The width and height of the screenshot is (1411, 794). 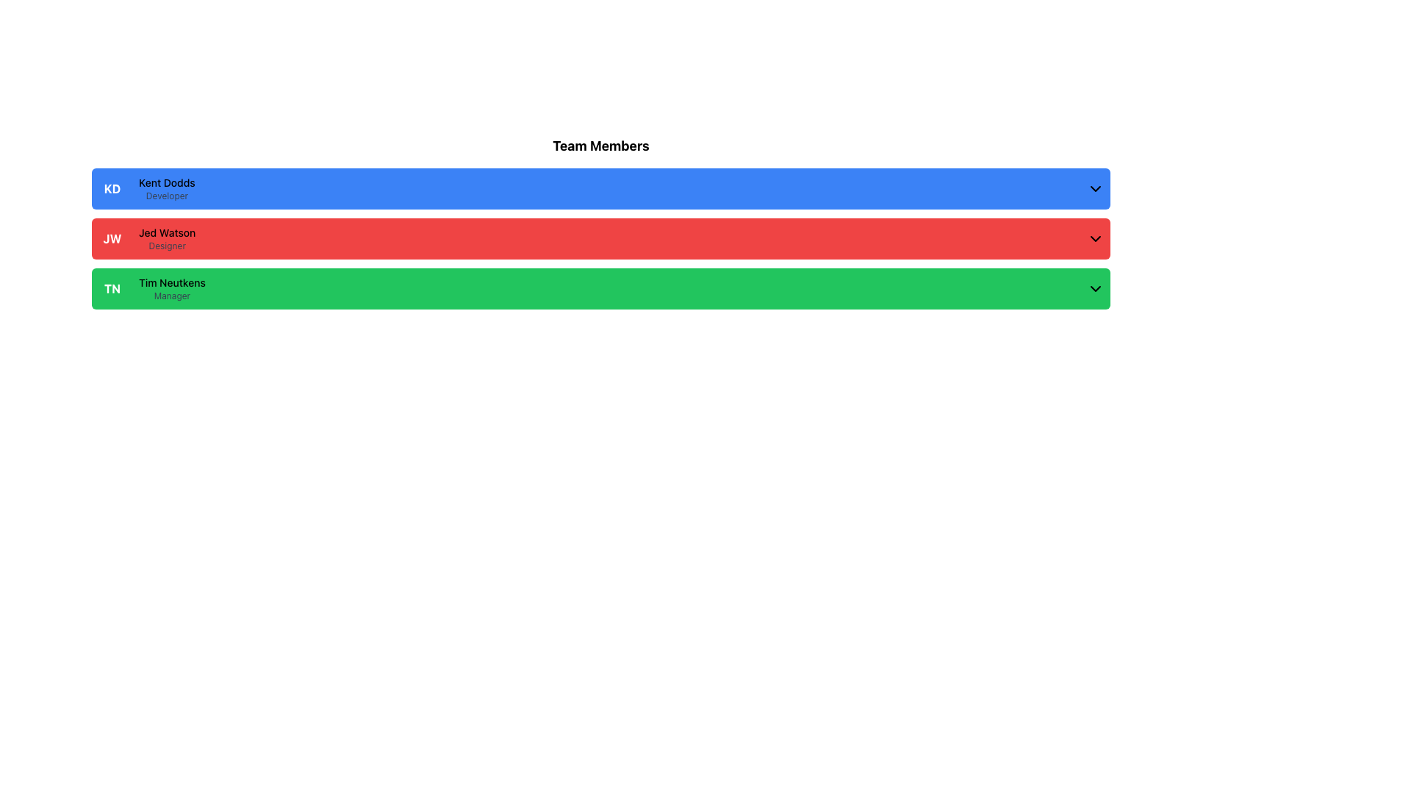 I want to click on the dropdown indicator icon located at the far right end of the green user profile section labeled 'Tim Neutkens, Manager', so click(x=1096, y=289).